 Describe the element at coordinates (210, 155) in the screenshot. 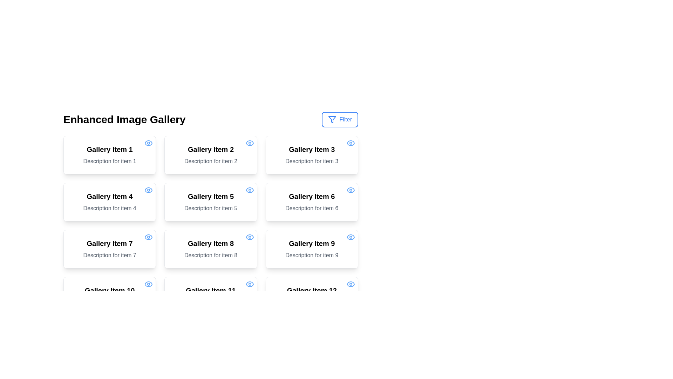

I see `the rectangular card displaying 'Gallery Item 2' with a white background and blue eye icon` at that location.